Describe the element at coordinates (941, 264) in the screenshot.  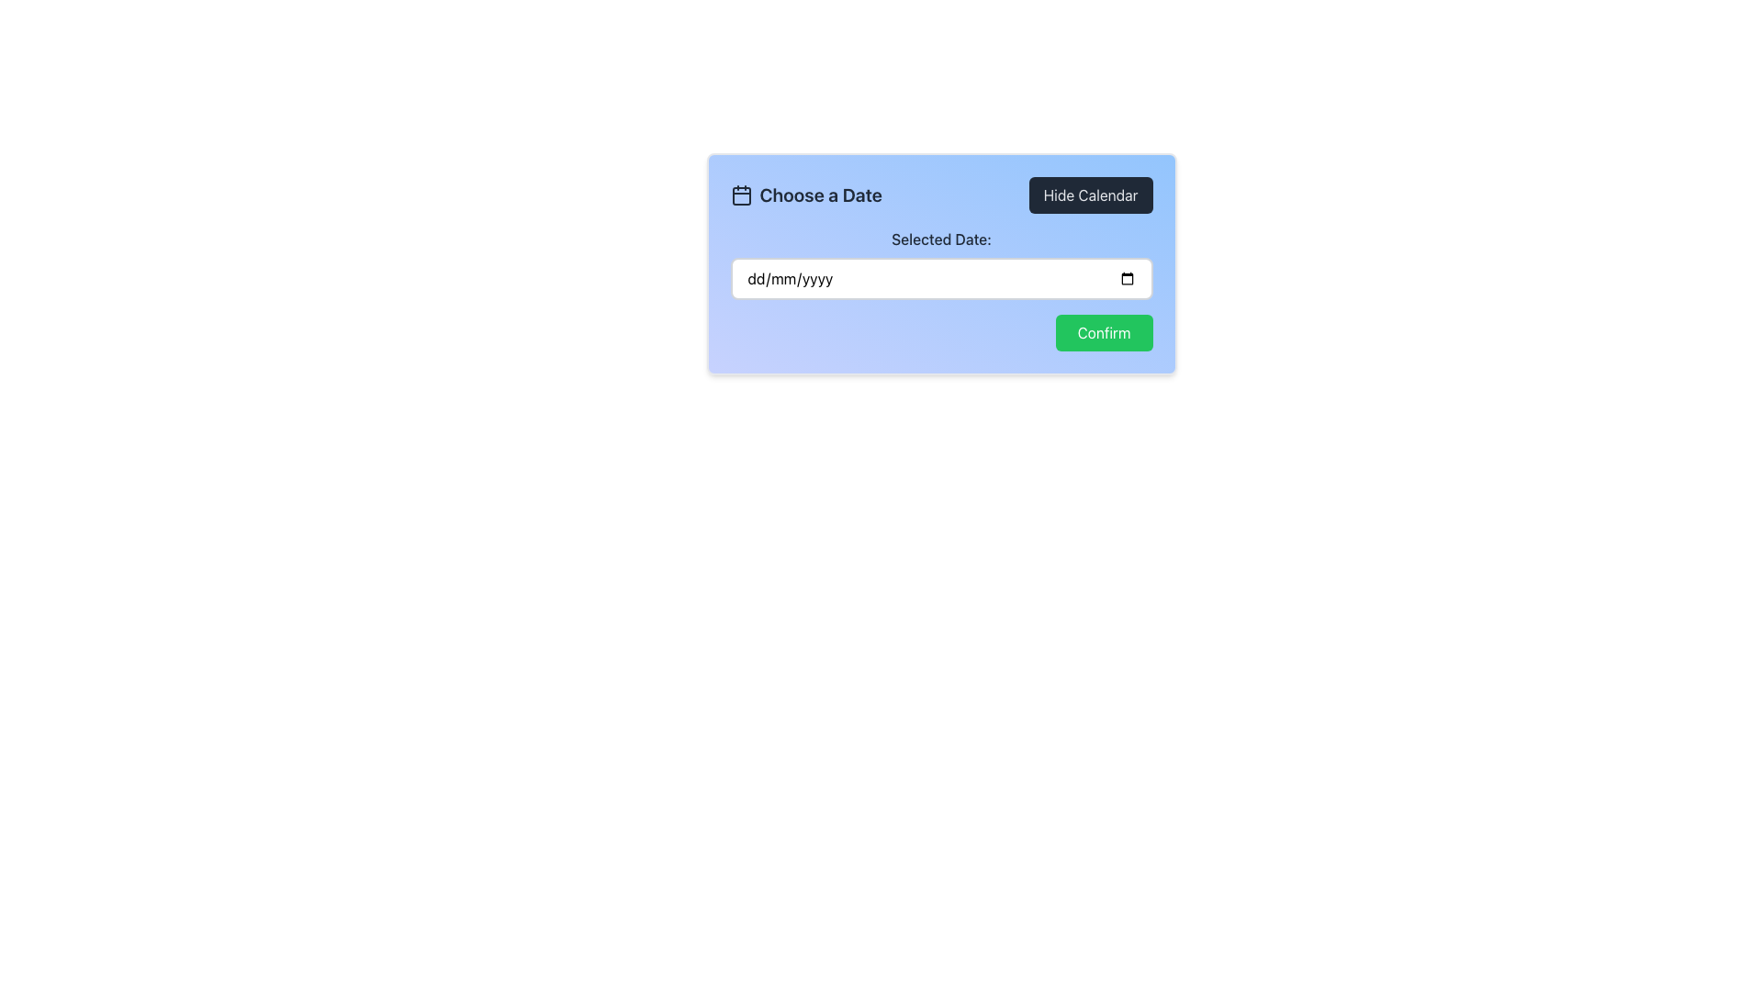
I see `the Date Picker Input Field Group located centrally below the 'Choose a Date' heading and above the 'Confirm' button` at that location.